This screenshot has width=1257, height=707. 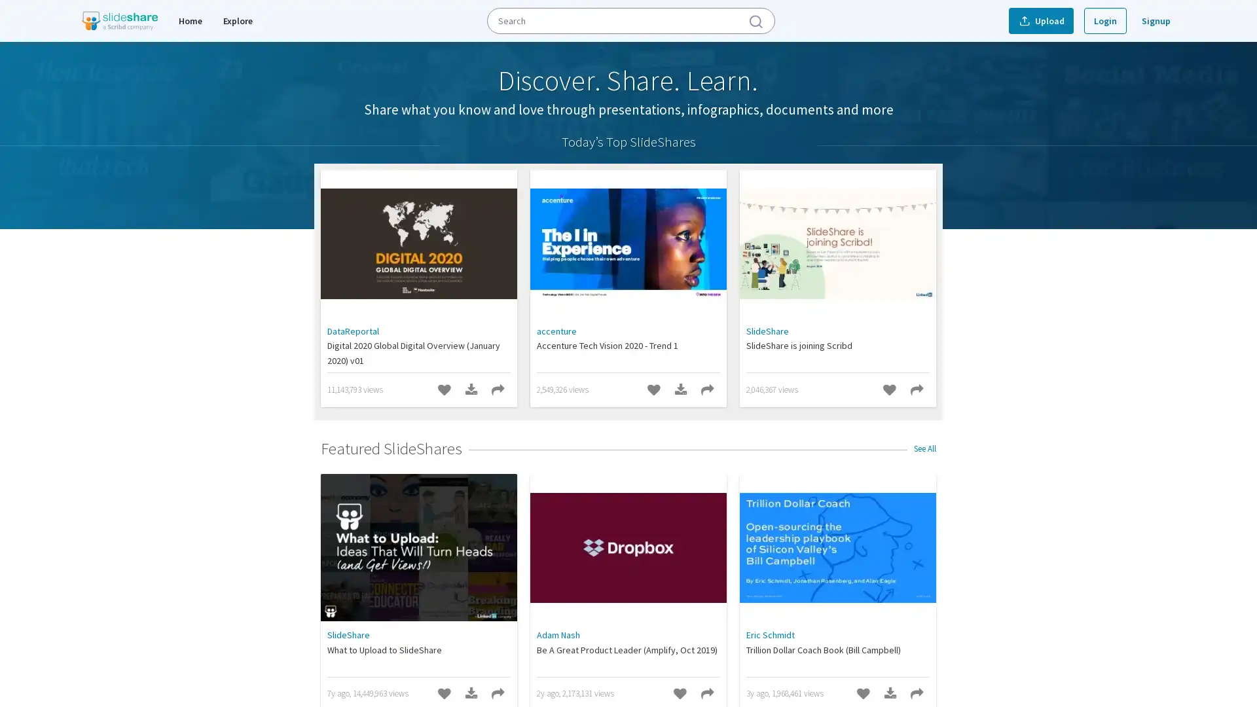 What do you see at coordinates (916, 388) in the screenshot?
I see `Share SlideShare is joining Scribd SlideShare.` at bounding box center [916, 388].